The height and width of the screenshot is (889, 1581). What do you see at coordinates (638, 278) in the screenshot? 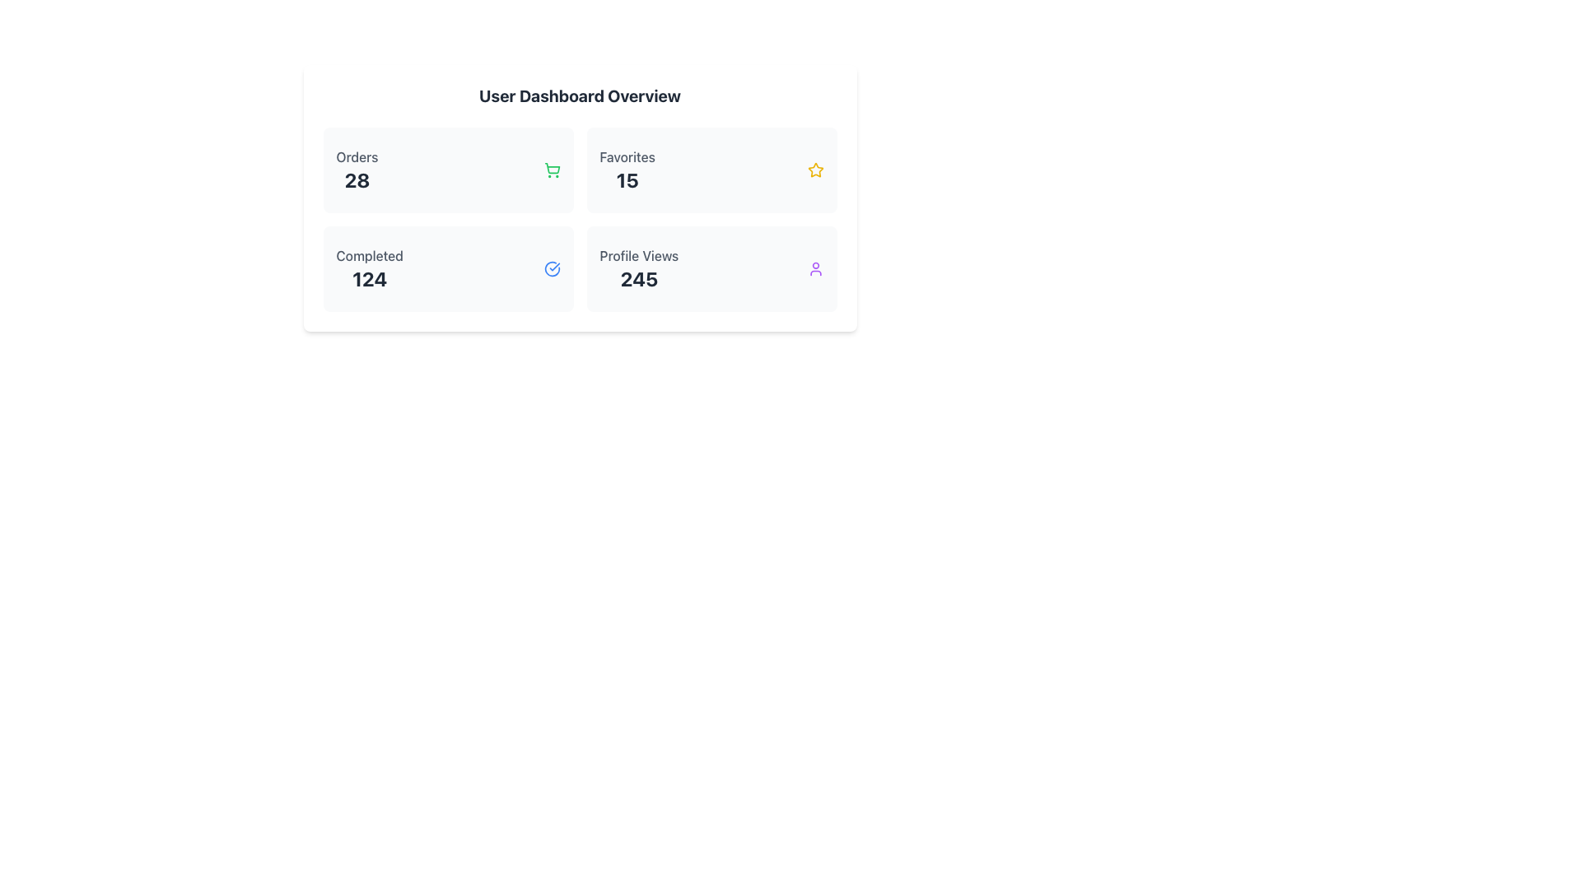
I see `the bold number '245' displayed in the 'Profile Views' card located in the bottom-right section of the dashboard` at bounding box center [638, 278].